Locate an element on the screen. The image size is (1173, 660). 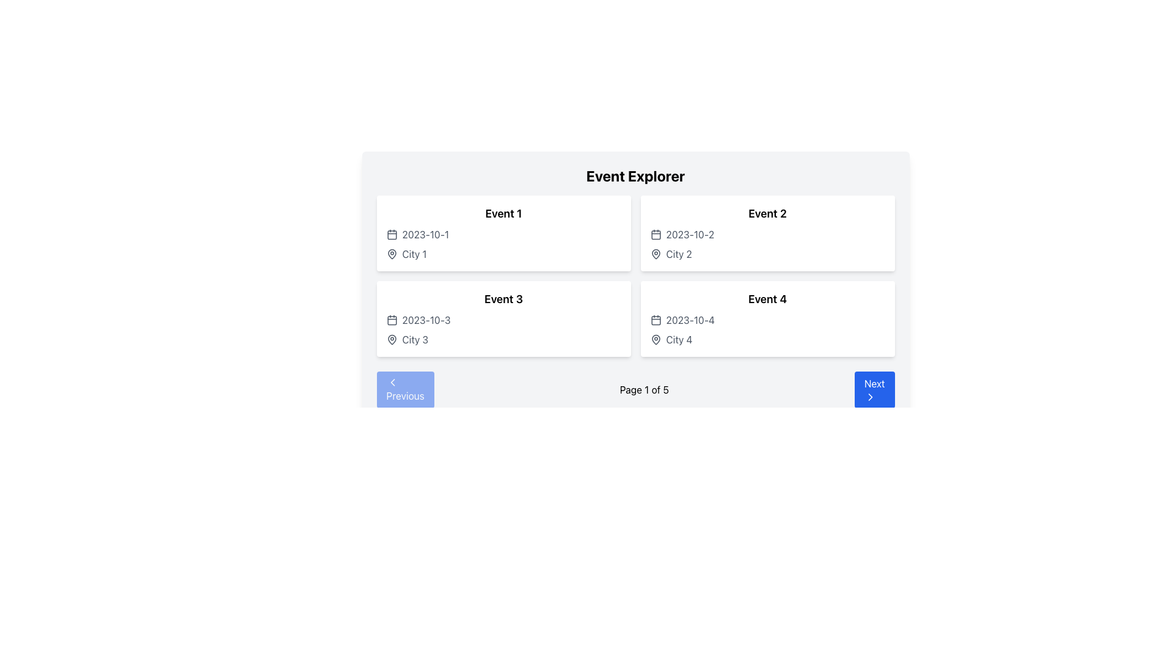
the 'Event 1' card element located in the top-left corner of the grid layout is located at coordinates (503, 233).